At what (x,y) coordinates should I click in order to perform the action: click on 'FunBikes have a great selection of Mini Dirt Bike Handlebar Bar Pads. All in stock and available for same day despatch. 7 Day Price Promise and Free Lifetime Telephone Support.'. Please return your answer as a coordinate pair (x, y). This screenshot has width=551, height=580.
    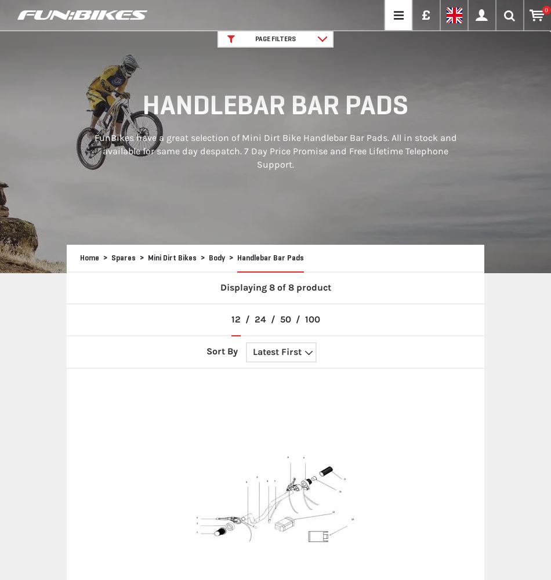
    Looking at the image, I should click on (274, 151).